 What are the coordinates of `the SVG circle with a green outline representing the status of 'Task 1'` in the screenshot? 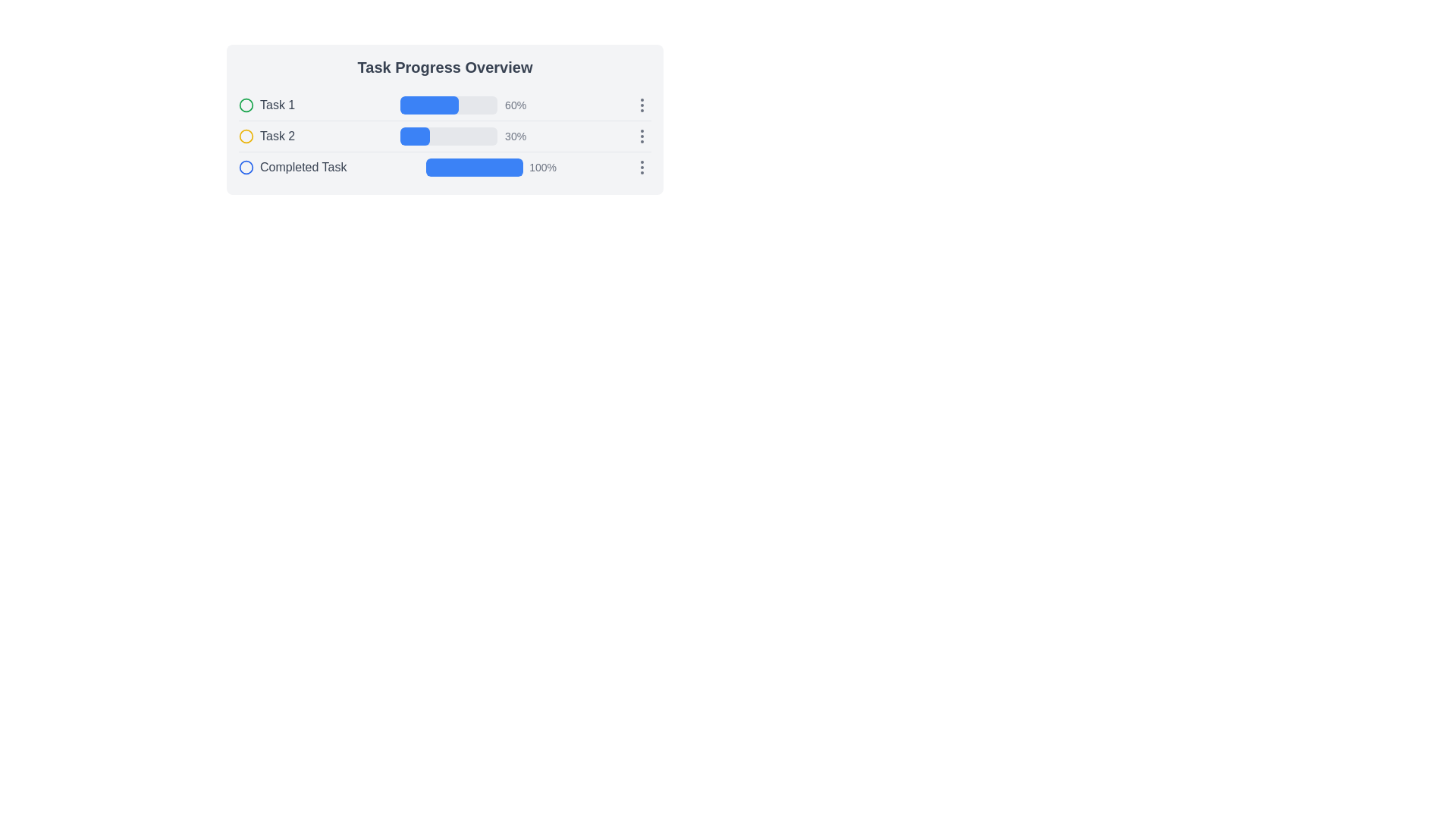 It's located at (246, 104).